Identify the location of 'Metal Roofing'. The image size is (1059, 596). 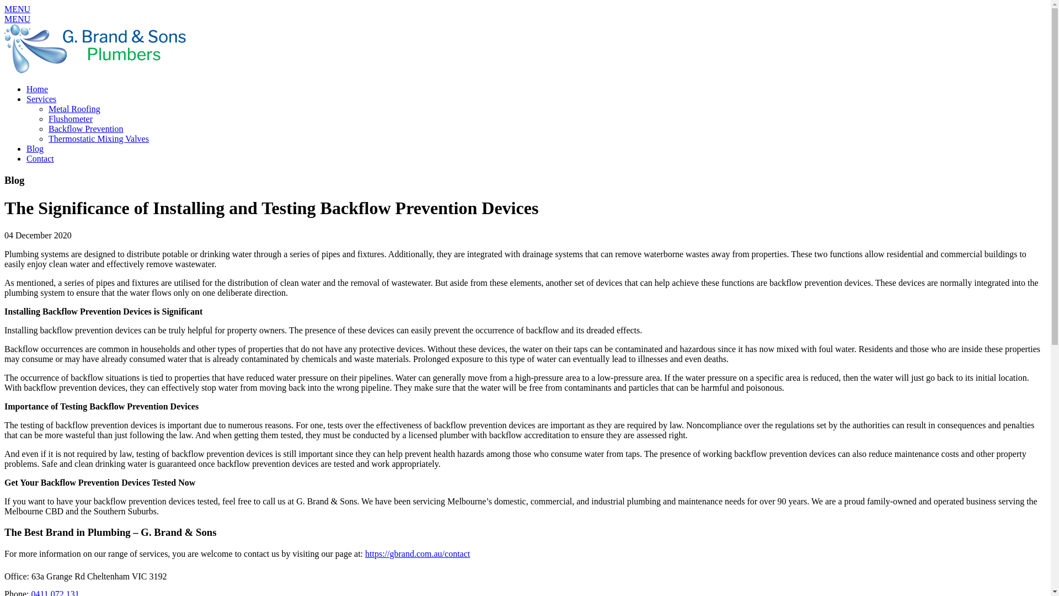
(73, 109).